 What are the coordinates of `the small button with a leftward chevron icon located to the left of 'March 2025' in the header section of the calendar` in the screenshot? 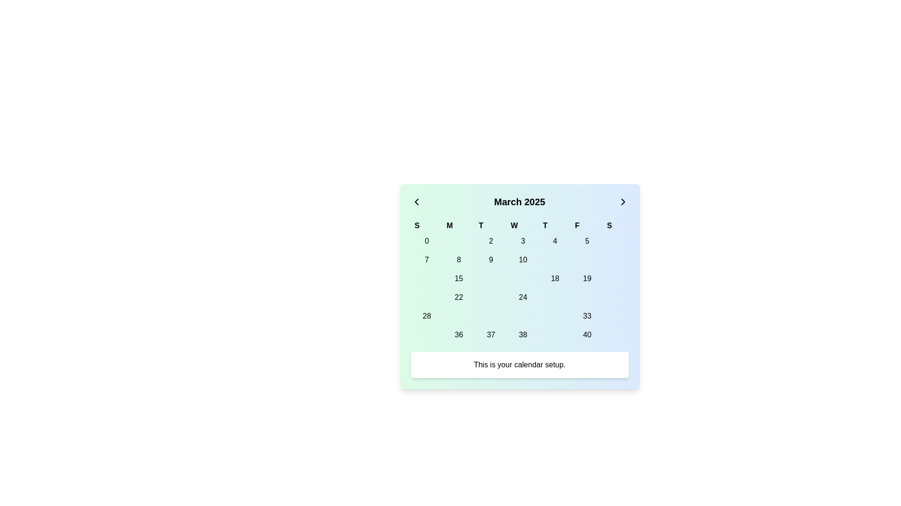 It's located at (416, 201).